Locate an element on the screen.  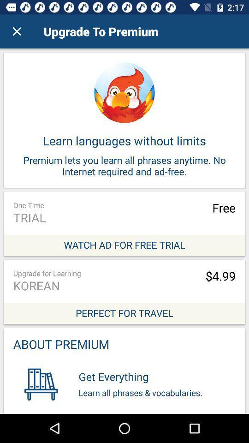
item to the left of upgrade to premium icon is located at coordinates (17, 31).